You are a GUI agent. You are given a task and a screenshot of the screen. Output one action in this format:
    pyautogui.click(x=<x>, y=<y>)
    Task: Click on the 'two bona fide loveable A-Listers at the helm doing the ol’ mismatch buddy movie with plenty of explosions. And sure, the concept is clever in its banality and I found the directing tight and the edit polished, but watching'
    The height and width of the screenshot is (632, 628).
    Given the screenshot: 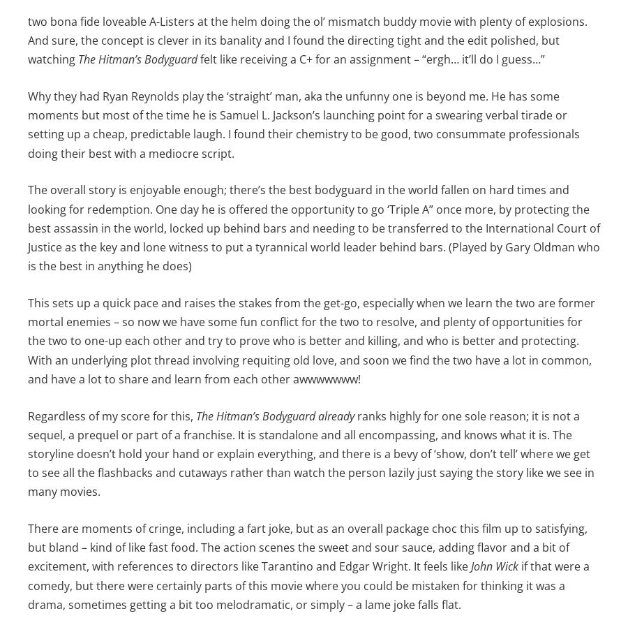 What is the action you would take?
    pyautogui.click(x=308, y=40)
    